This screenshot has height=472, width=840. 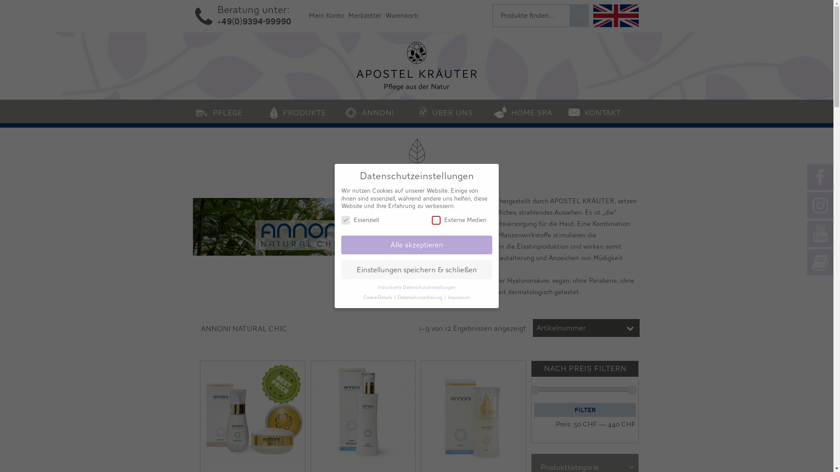 What do you see at coordinates (820, 233) in the screenshot?
I see `'Youtube'` at bounding box center [820, 233].